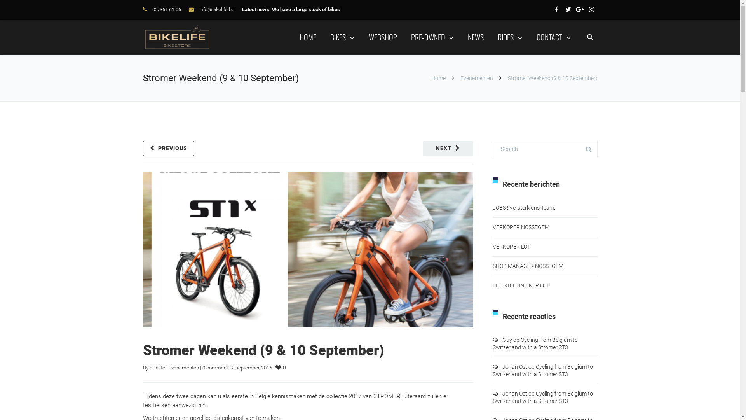 The width and height of the screenshot is (746, 420). I want to click on 'RIDES', so click(509, 37).